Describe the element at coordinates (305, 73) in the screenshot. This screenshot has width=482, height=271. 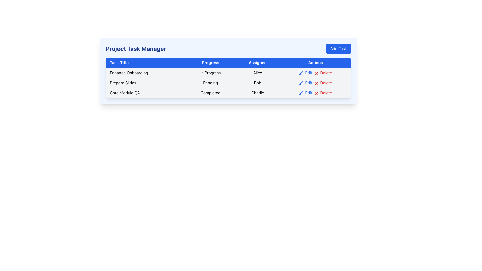
I see `the edit button in the 'Actions' column for the 'Enhance Onboarding' task` at that location.